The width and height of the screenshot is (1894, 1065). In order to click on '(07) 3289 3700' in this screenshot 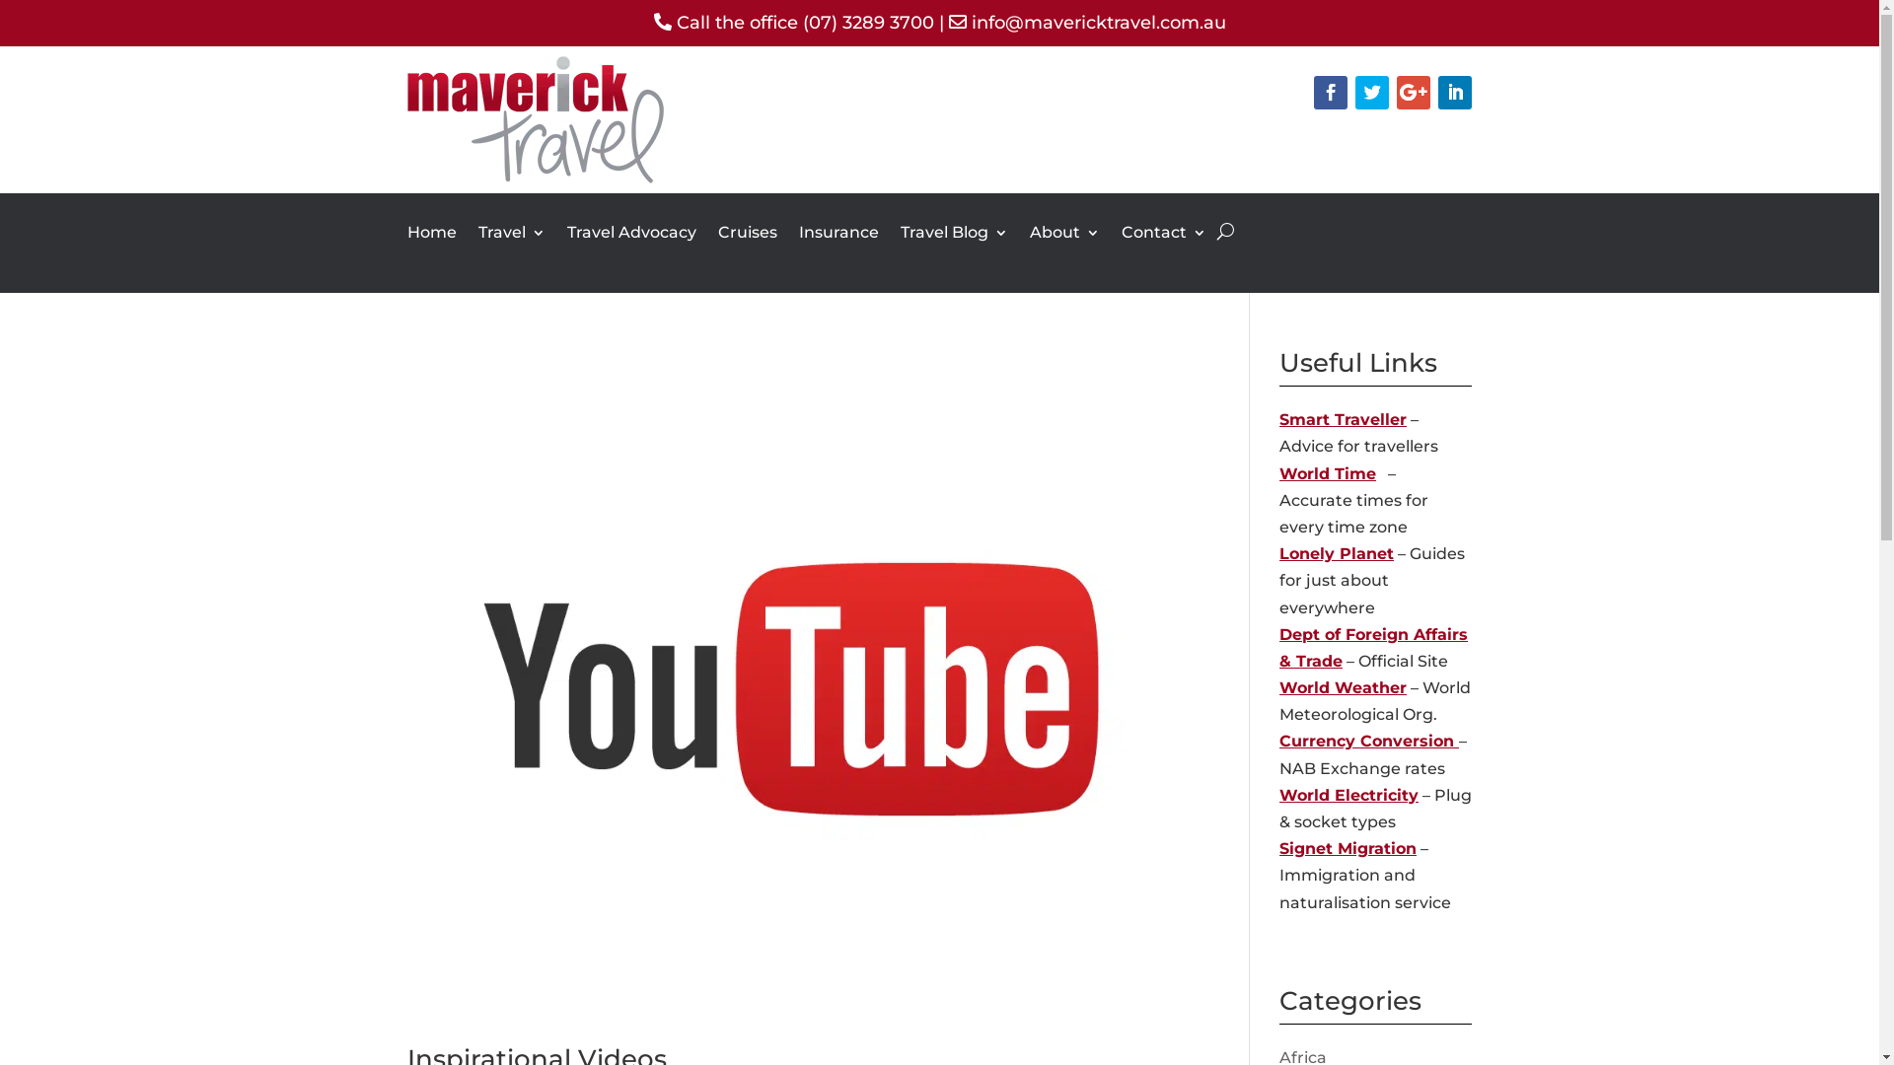, I will do `click(868, 23)`.